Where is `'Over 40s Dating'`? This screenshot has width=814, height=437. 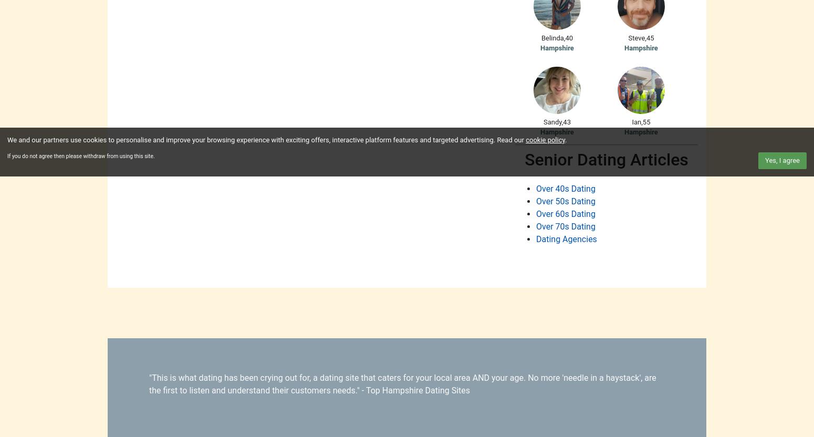
'Over 40s Dating' is located at coordinates (565, 188).